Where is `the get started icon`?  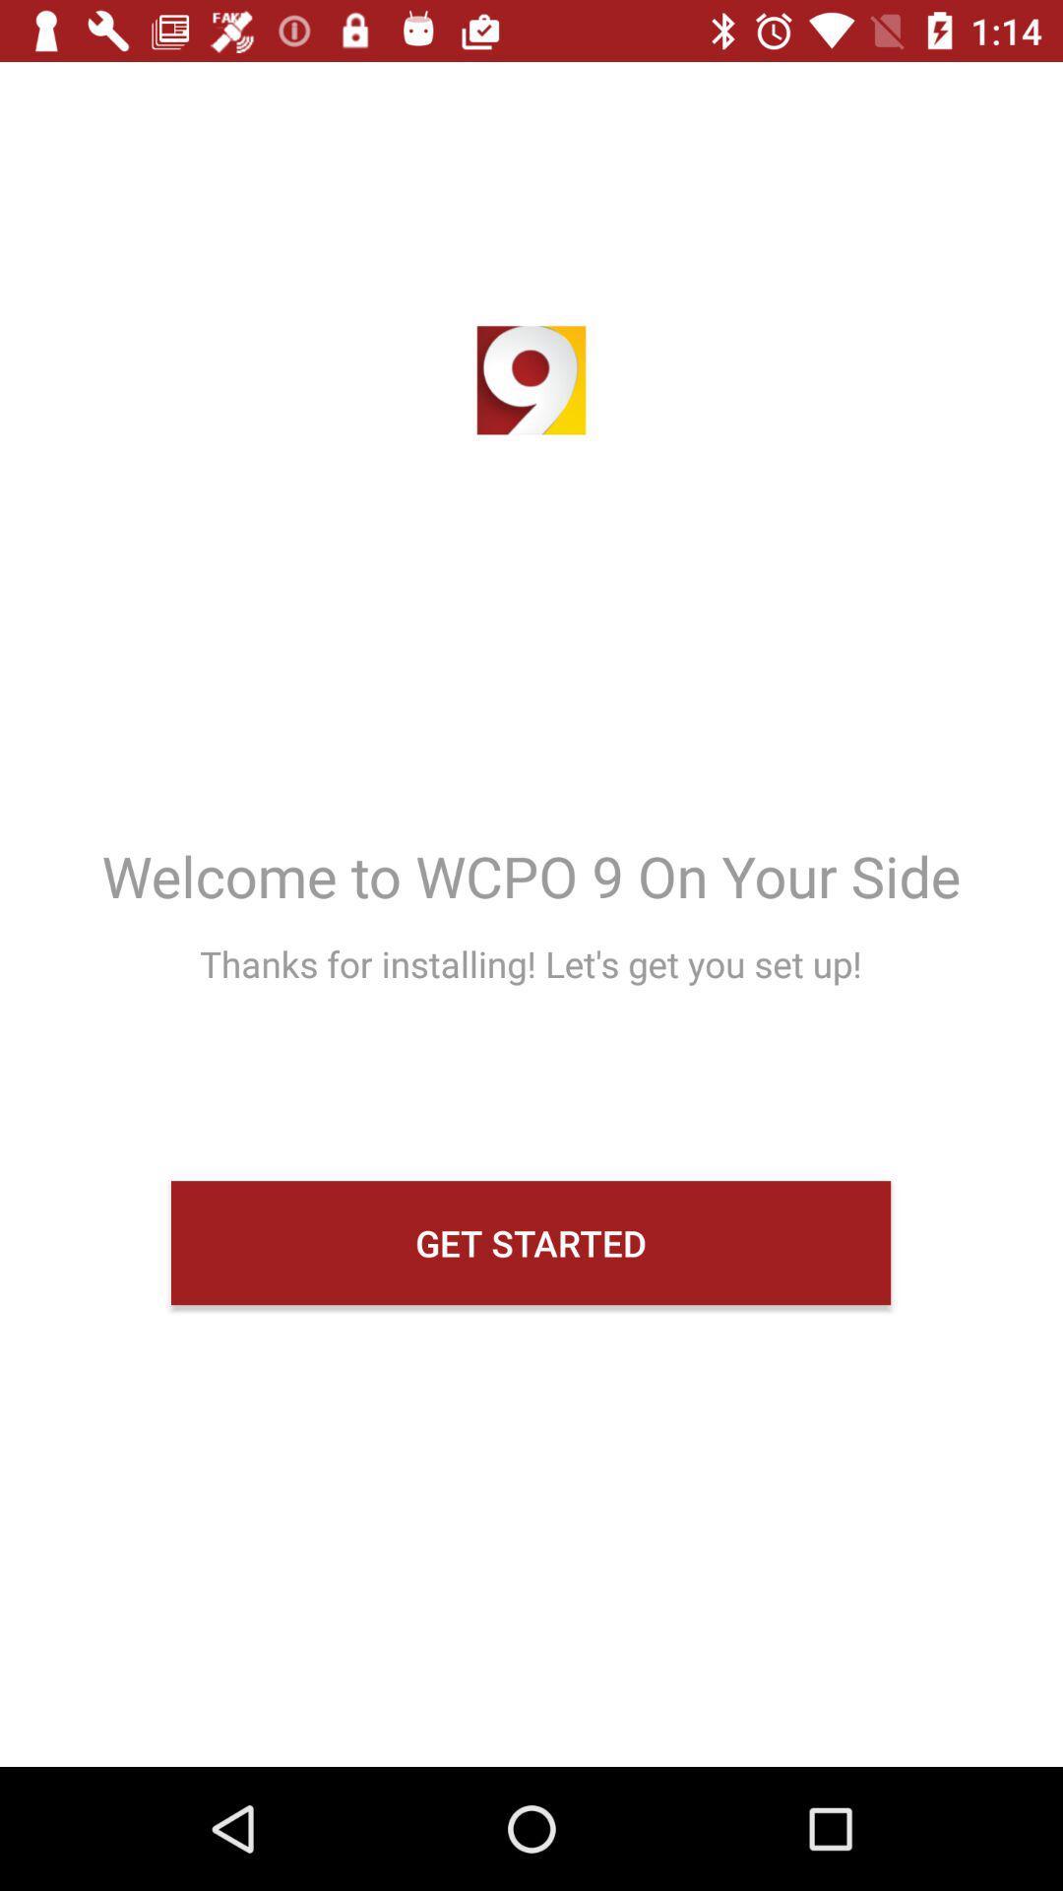 the get started icon is located at coordinates (530, 1242).